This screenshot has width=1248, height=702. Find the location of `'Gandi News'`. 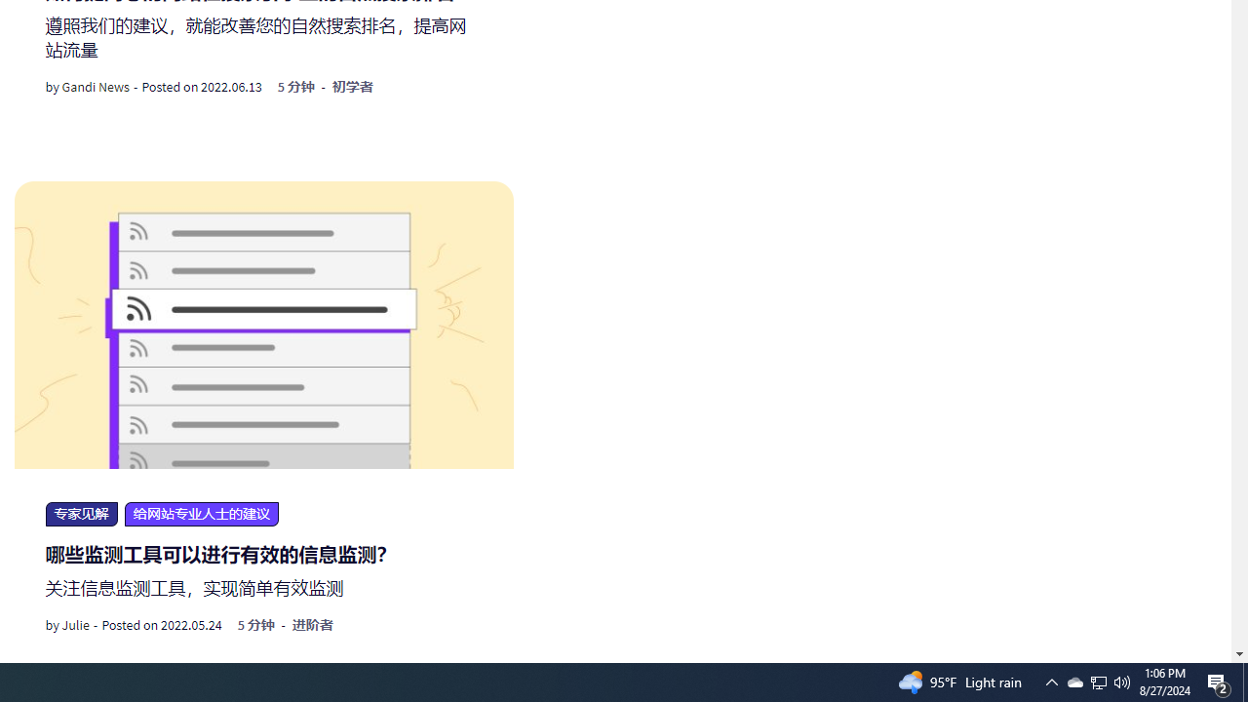

'Gandi News' is located at coordinates (94, 86).